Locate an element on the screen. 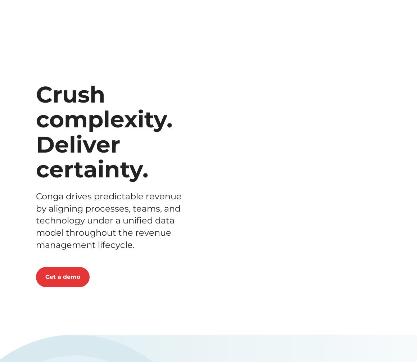  'Privacy Policy' is located at coordinates (182, 284).